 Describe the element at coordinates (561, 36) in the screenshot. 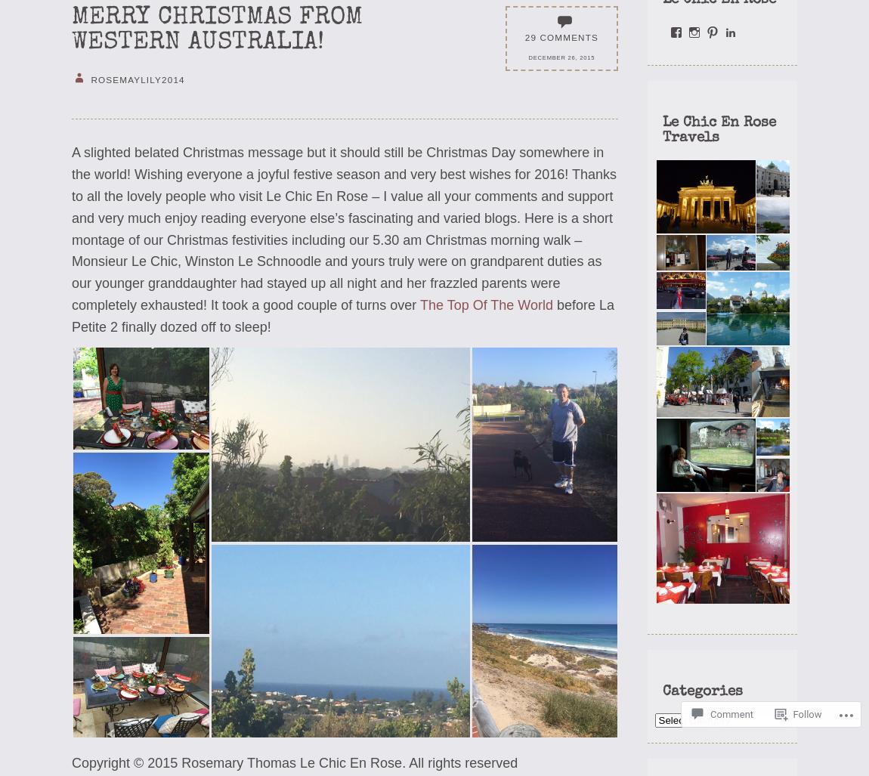

I see `'29 comments'` at that location.